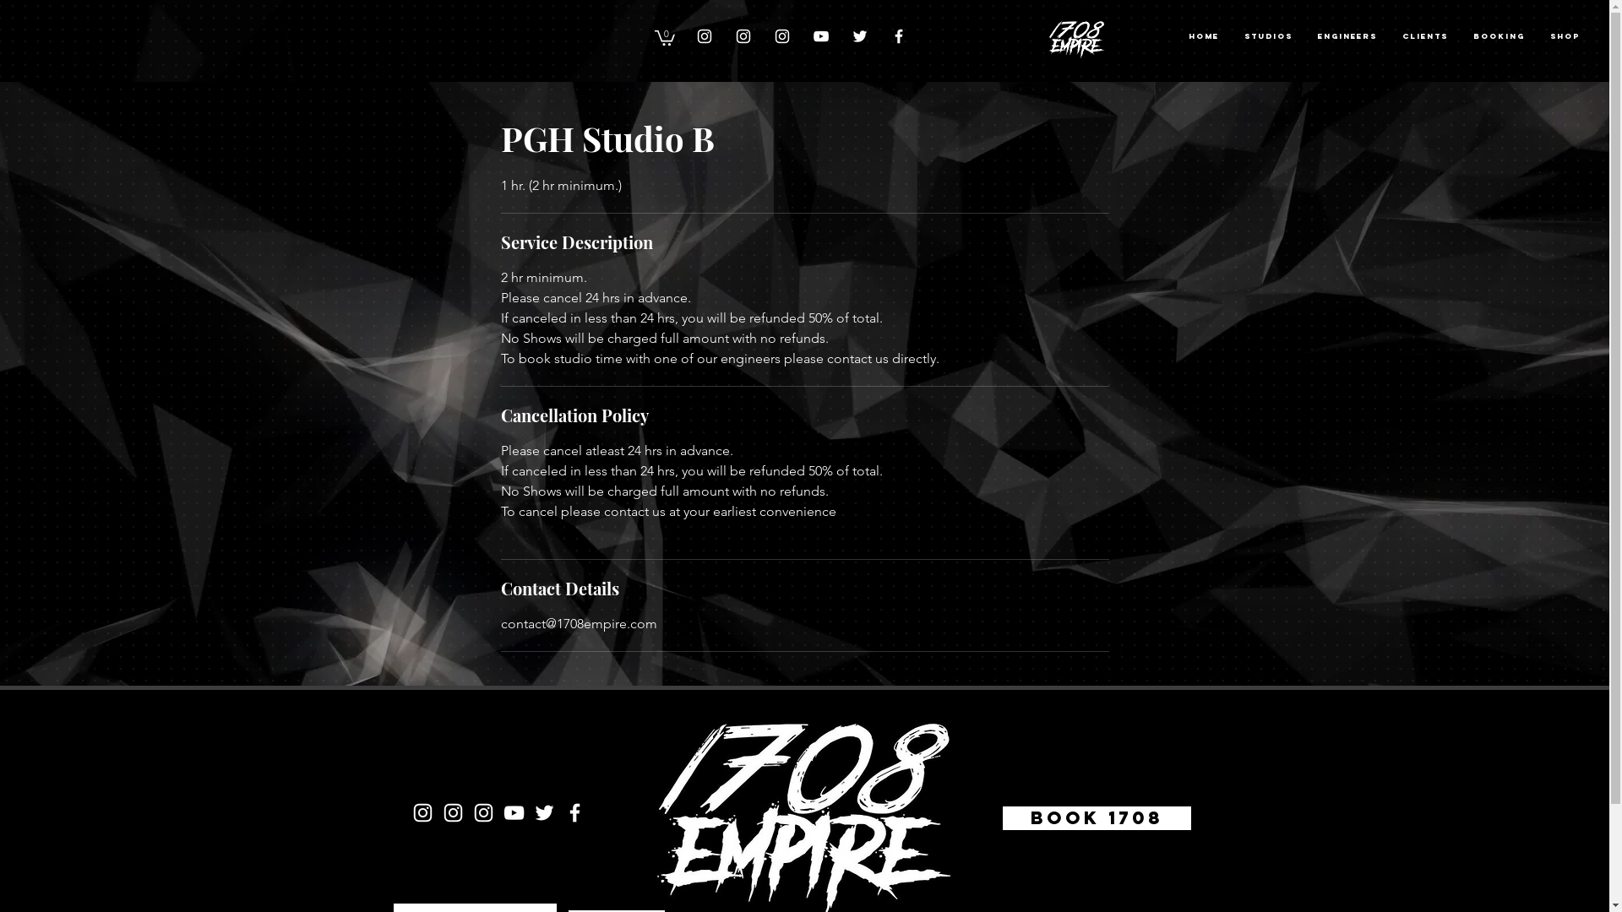 The width and height of the screenshot is (1622, 912). I want to click on 'BOOKING', so click(1499, 35).